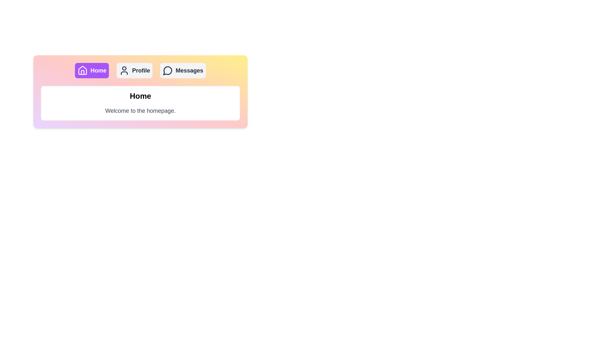 This screenshot has height=345, width=615. Describe the element at coordinates (183, 70) in the screenshot. I see `the tab Messages to observe its hover effect` at that location.